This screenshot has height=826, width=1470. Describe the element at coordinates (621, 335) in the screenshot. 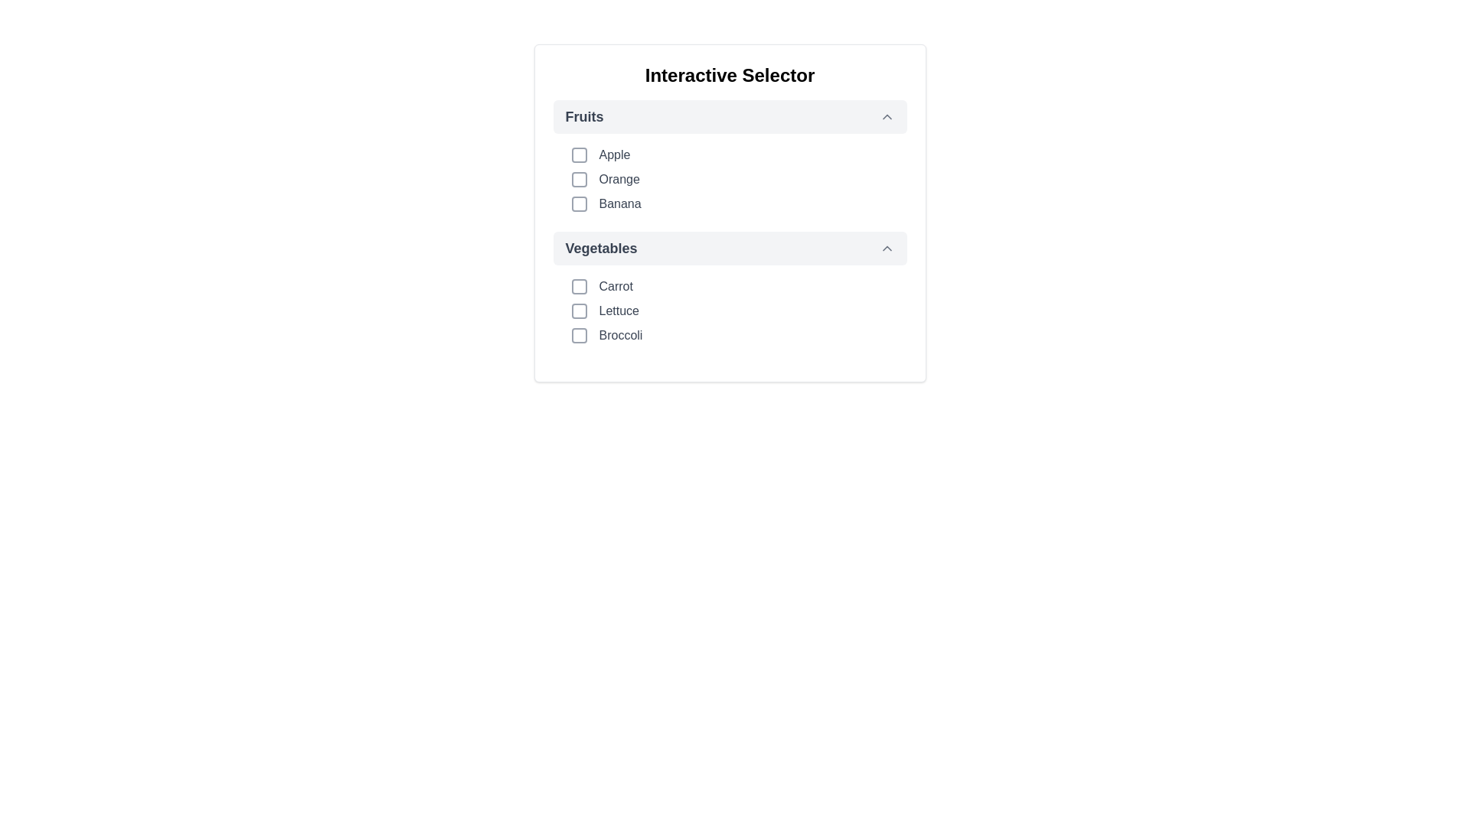

I see `the text label displaying 'Broccoli' which is styled in gray color and positioned to the immediate right of a checkbox in the 'Vegetables' category list as the third item` at that location.